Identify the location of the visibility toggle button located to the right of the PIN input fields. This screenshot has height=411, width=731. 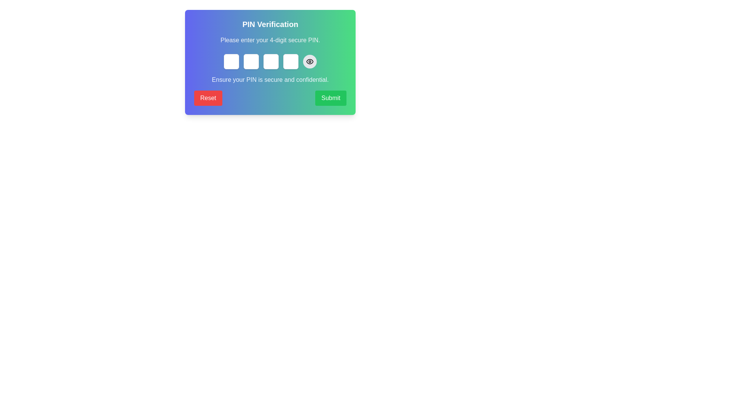
(310, 61).